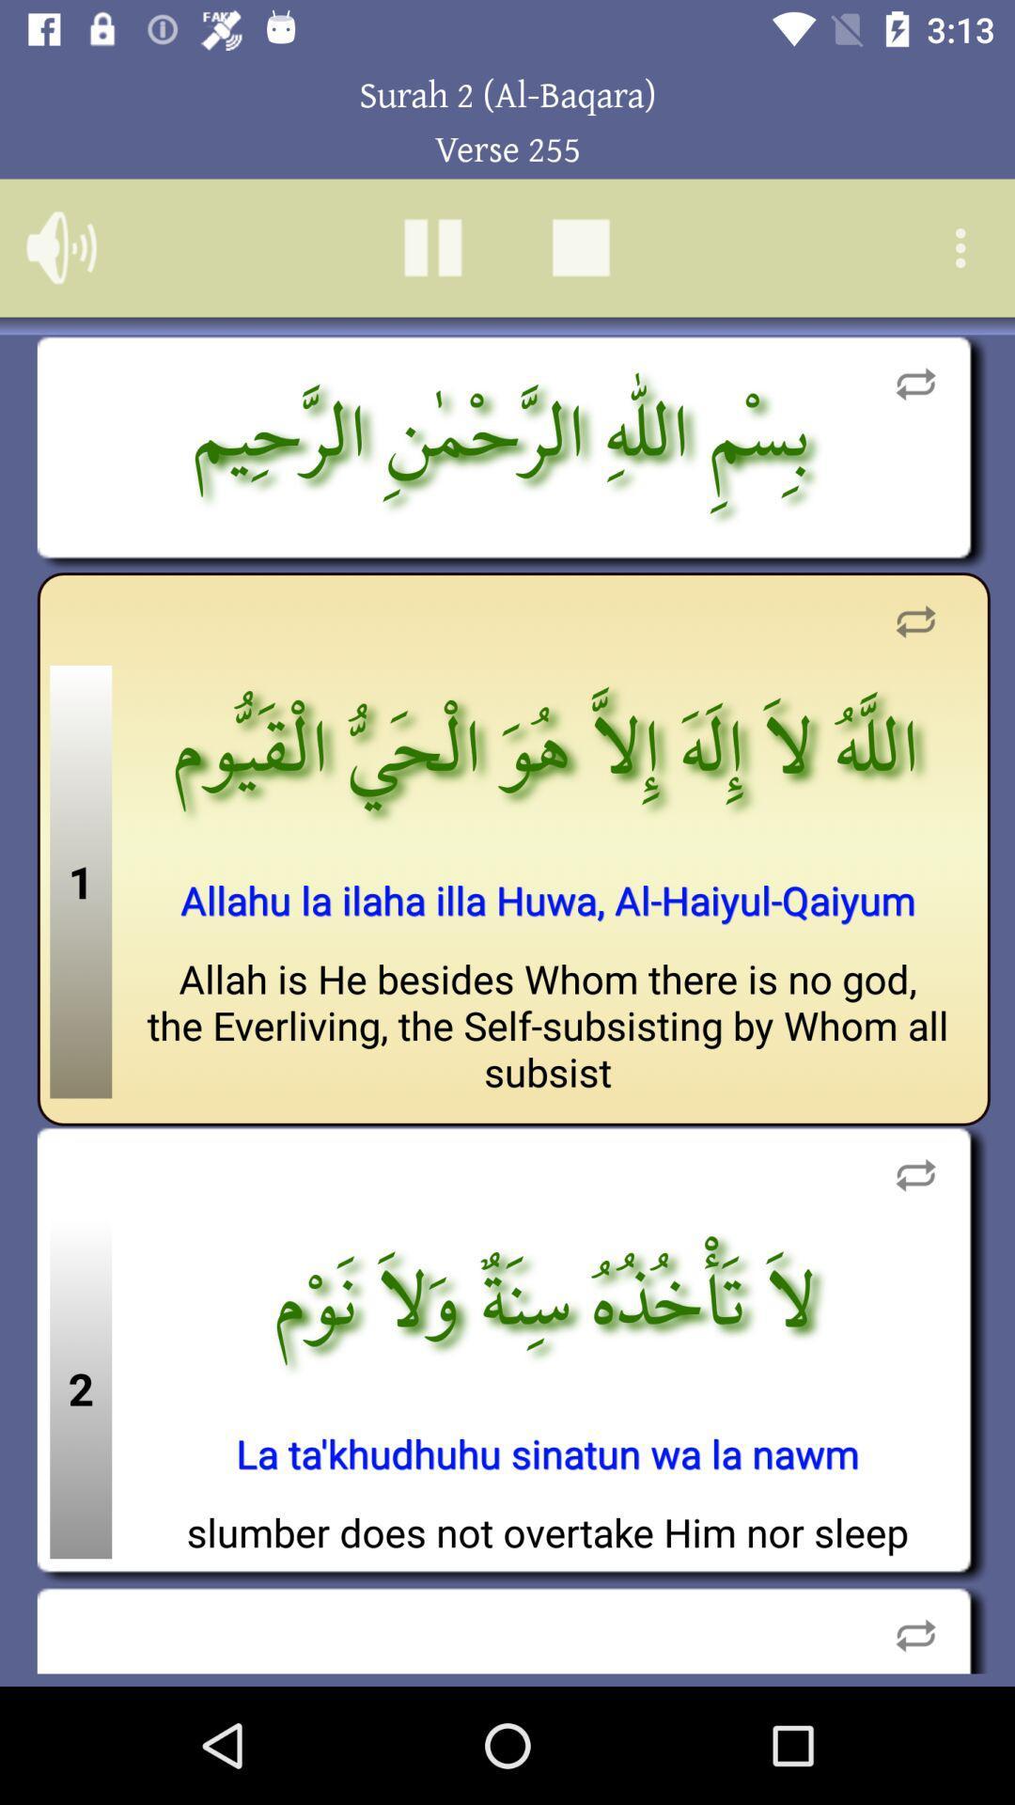 This screenshot has height=1805, width=1015. What do you see at coordinates (432, 246) in the screenshot?
I see `pause` at bounding box center [432, 246].